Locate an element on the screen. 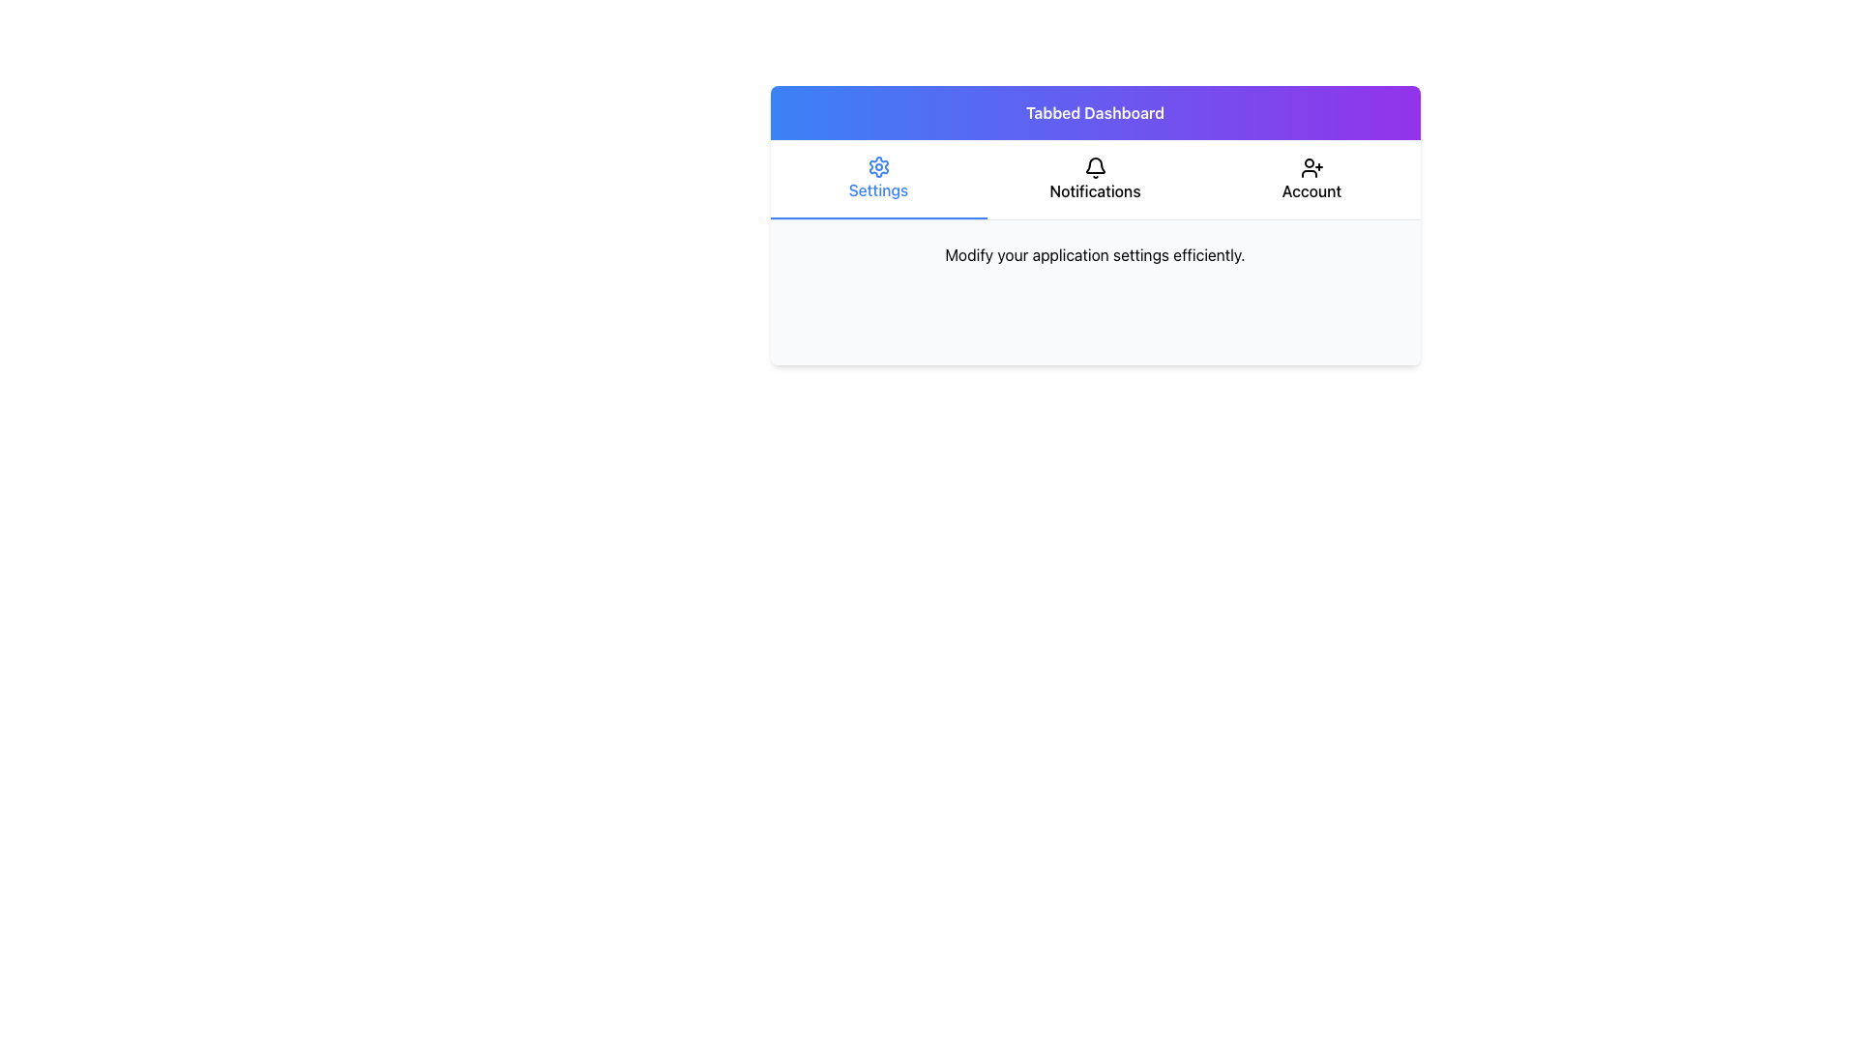  the Navigation Button located in the third section of the tabbed navigation bar, right after 'Notifications' is located at coordinates (1312, 179).